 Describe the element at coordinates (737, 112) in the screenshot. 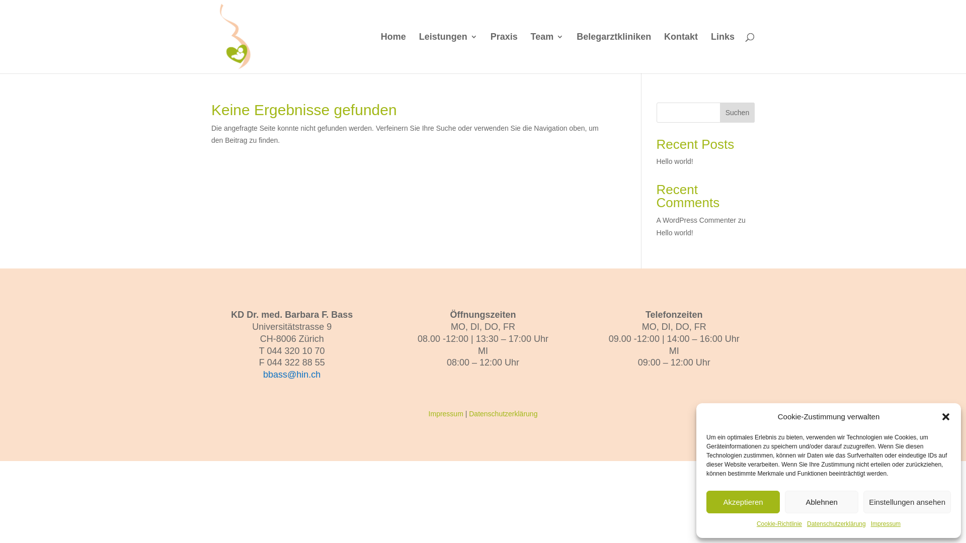

I see `'Suchen'` at that location.